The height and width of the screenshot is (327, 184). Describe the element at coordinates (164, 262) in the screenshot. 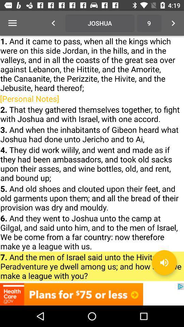

I see `the volume icon` at that location.